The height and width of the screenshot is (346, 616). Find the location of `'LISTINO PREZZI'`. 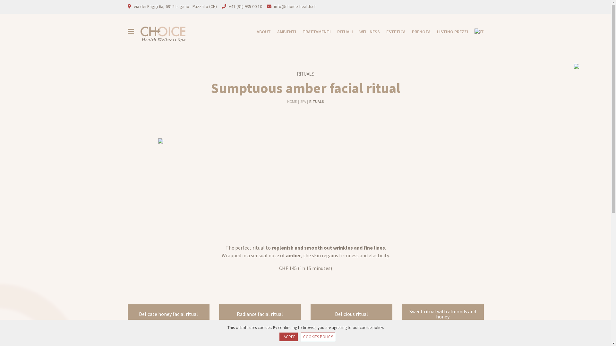

'LISTINO PREZZI' is located at coordinates (449, 32).